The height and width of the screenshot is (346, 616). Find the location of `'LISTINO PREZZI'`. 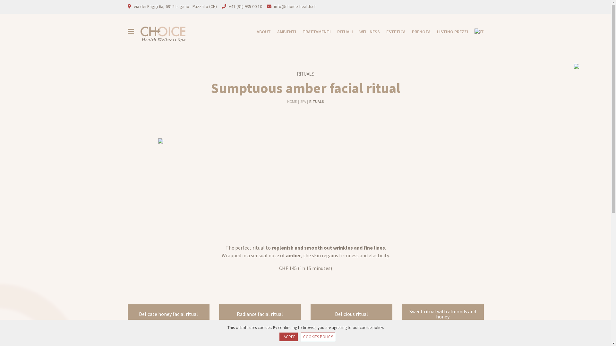

'LISTINO PREZZI' is located at coordinates (449, 32).